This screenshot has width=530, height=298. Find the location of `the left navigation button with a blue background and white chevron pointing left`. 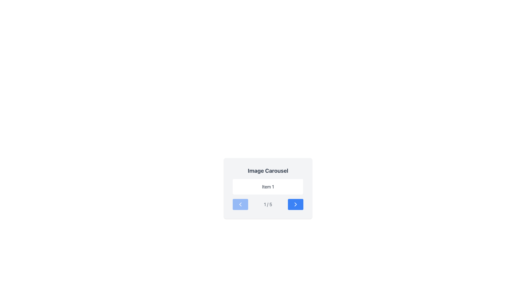

the left navigation button with a blue background and white chevron pointing left is located at coordinates (240, 204).